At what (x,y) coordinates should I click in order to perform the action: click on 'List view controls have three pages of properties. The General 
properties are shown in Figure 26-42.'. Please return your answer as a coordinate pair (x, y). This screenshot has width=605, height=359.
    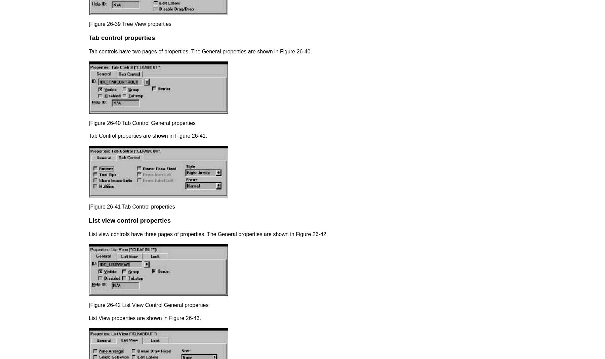
    Looking at the image, I should click on (208, 233).